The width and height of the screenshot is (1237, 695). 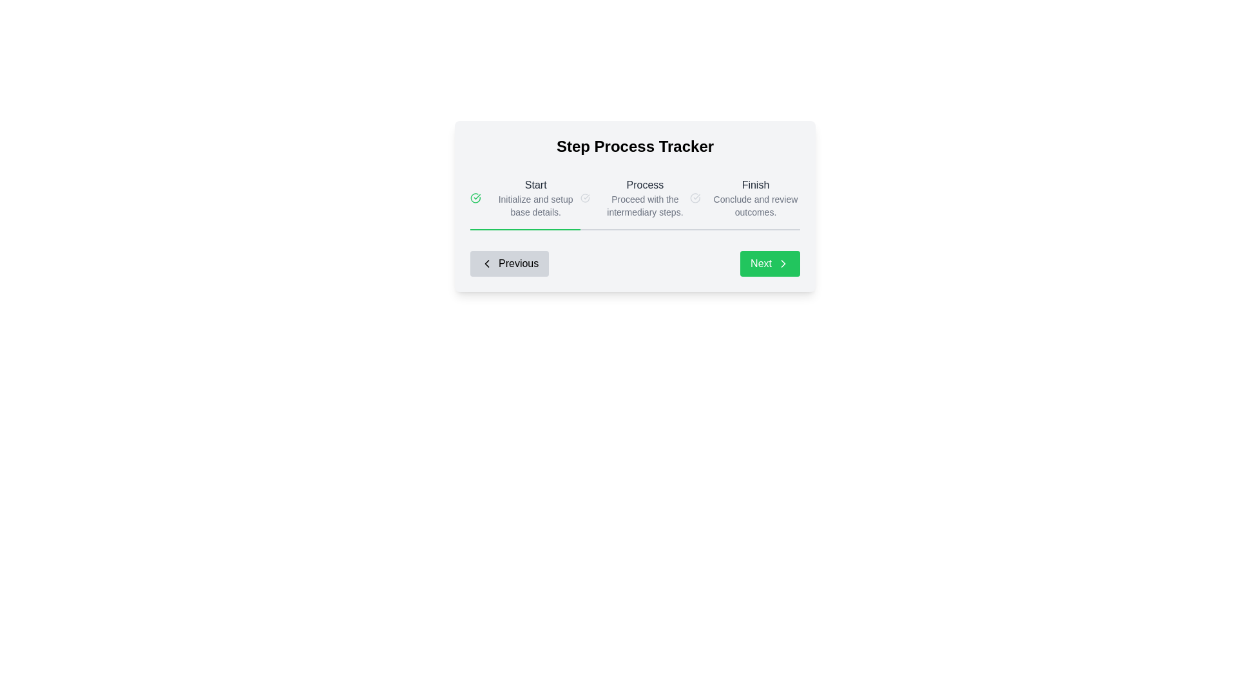 What do you see at coordinates (475, 198) in the screenshot?
I see `the status represented by the green circular icon with a checkmark, which is the first icon in the 'Step Process Tracker' next to the 'Start' step` at bounding box center [475, 198].